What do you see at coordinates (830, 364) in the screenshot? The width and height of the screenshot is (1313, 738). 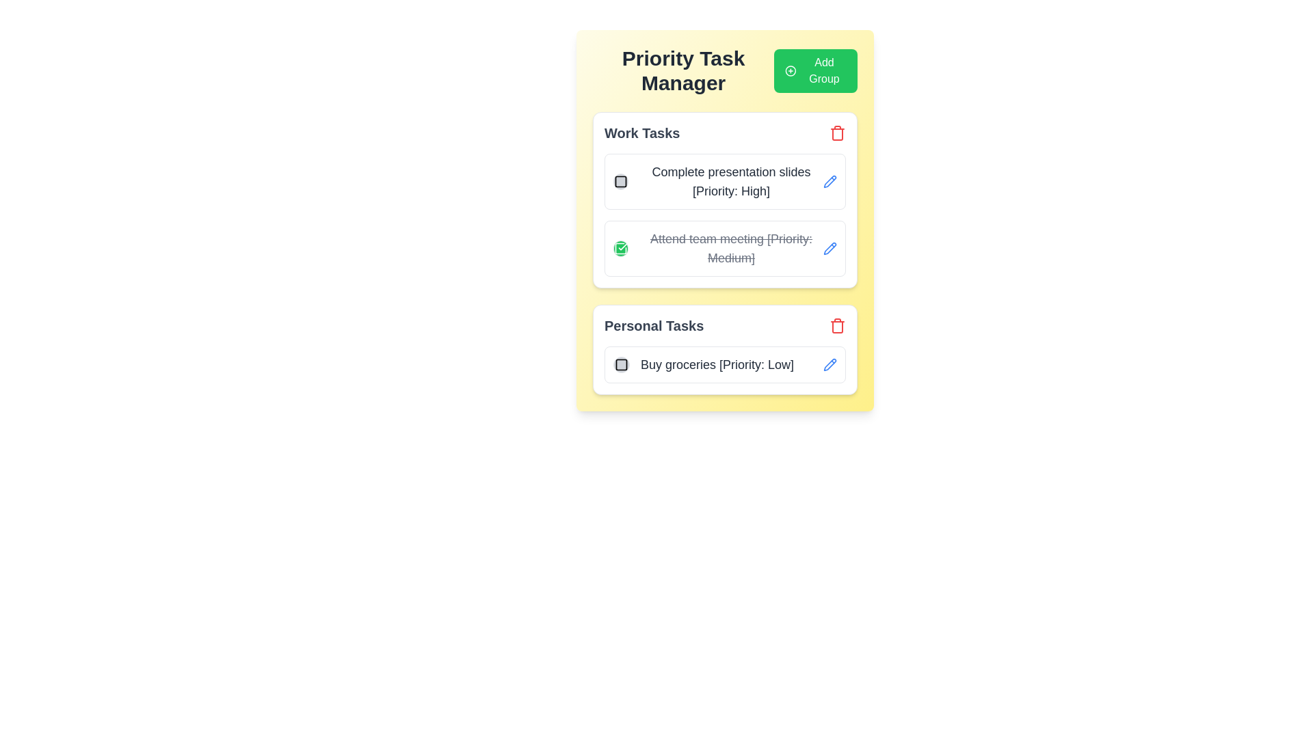 I see `the blue pencil icon located in the 'Personal Tasks' group next to the 'Buy groceries [Priority: Low]' entry to observe the color change to a darker blue` at bounding box center [830, 364].